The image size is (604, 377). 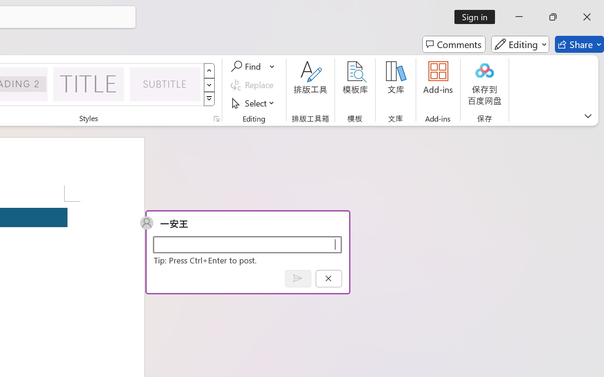 I want to click on 'Editing', so click(x=520, y=44).